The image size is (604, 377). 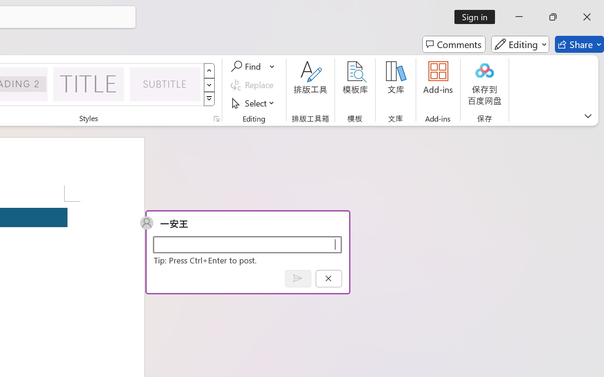 I want to click on 'Editing', so click(x=520, y=44).